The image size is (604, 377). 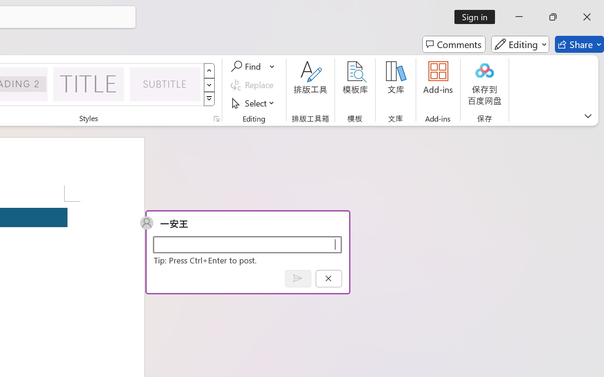 I want to click on 'Editing', so click(x=520, y=44).